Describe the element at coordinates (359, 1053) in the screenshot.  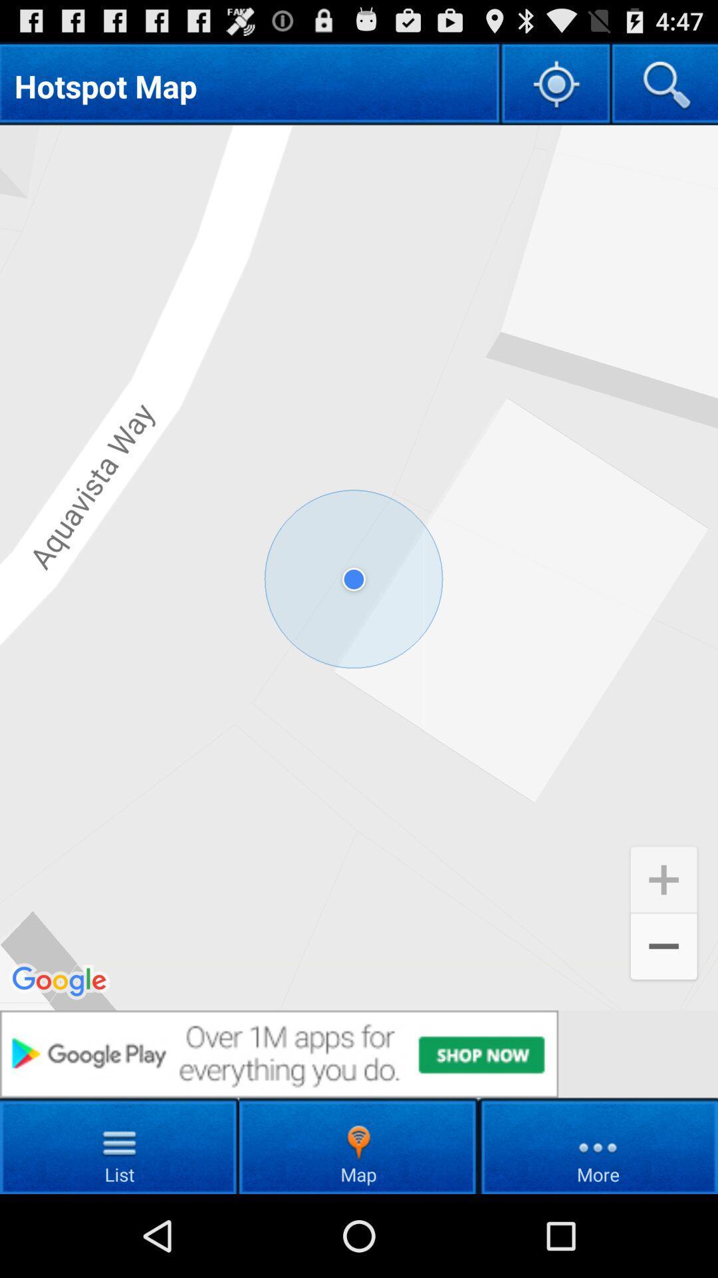
I see `to go youtube` at that location.